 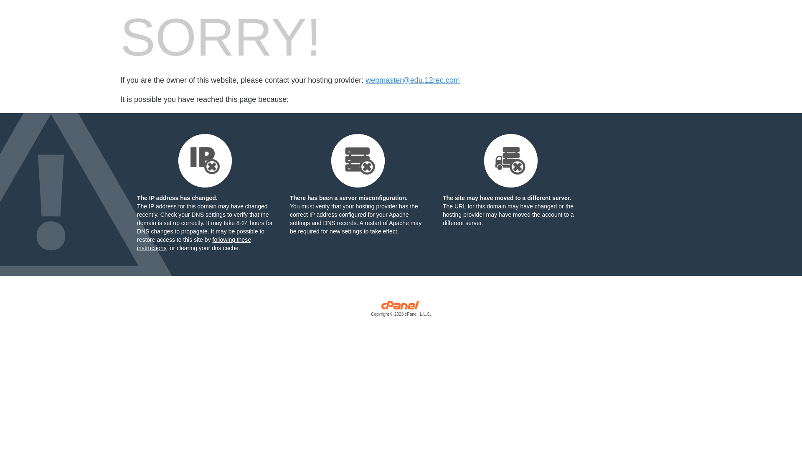 What do you see at coordinates (412, 80) in the screenshot?
I see `'webmaster@edu.12rec.com'` at bounding box center [412, 80].